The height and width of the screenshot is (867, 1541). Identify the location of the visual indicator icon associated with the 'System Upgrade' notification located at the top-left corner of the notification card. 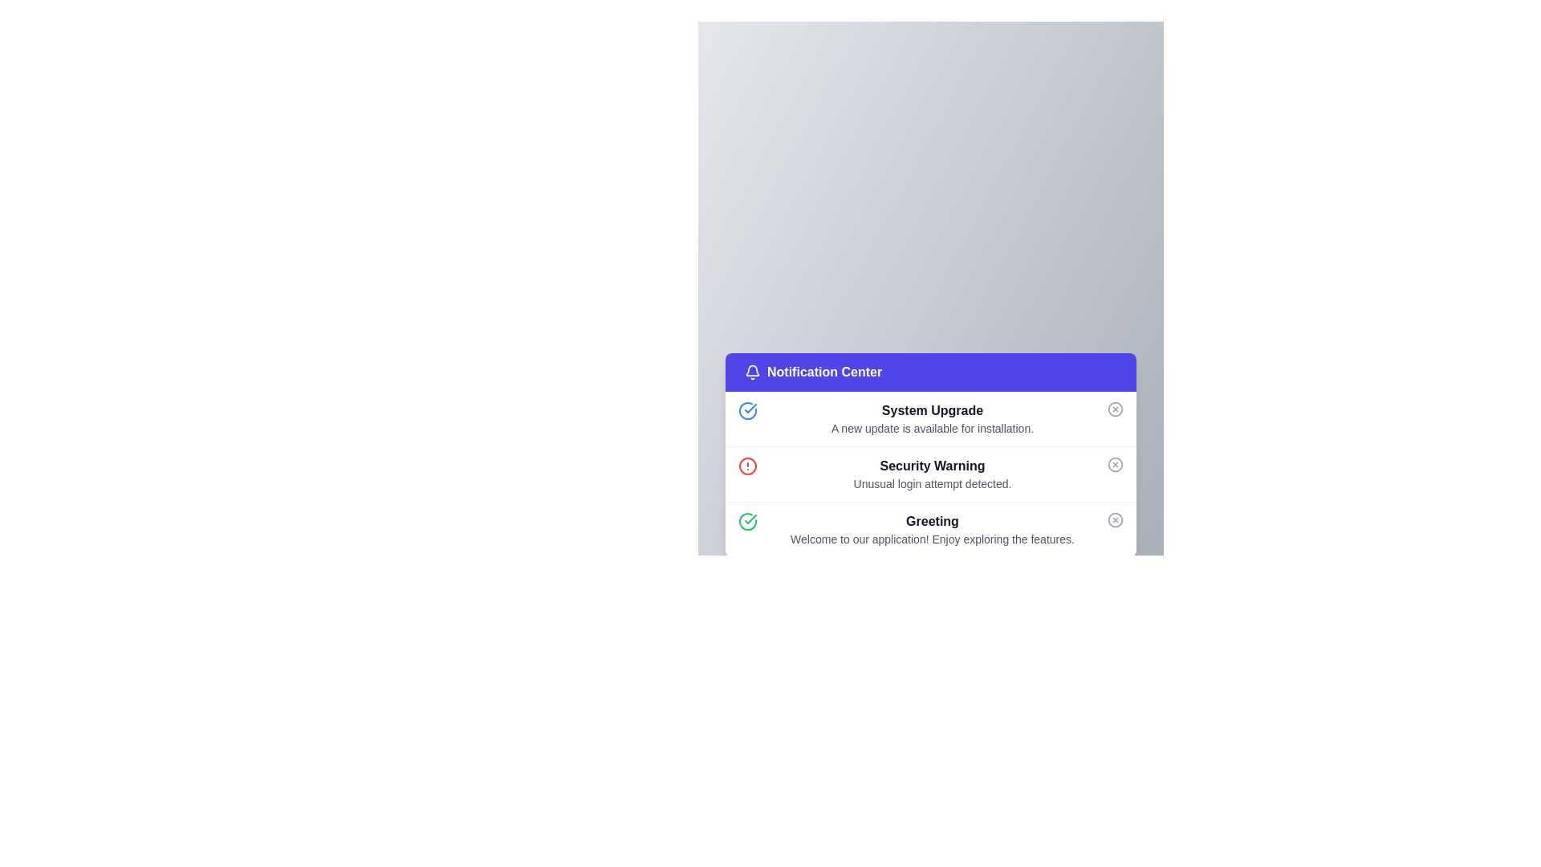
(746, 410).